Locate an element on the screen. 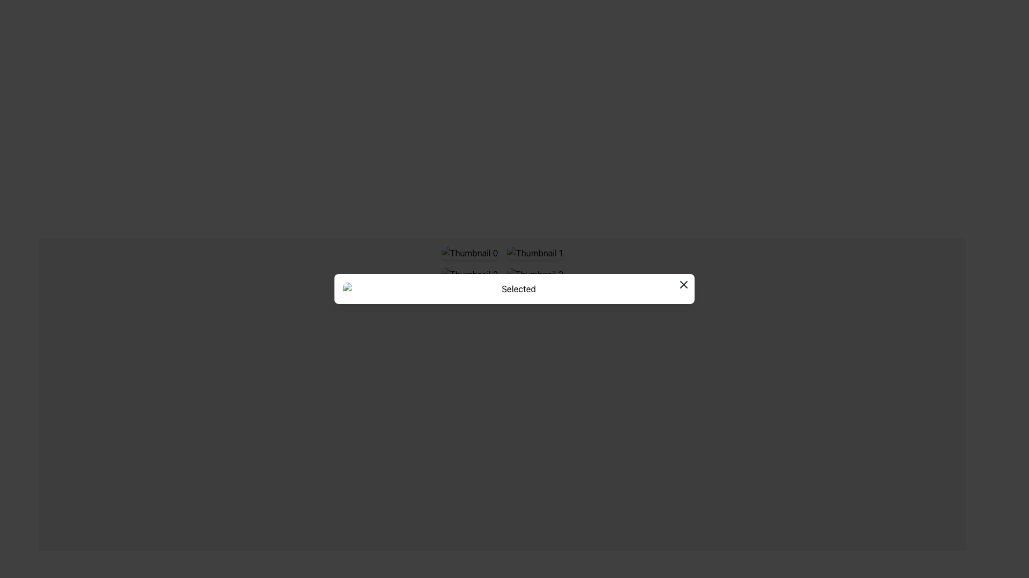  the first image thumbnail located at the top-left corner of a 2x2 grid is located at coordinates (469, 253).